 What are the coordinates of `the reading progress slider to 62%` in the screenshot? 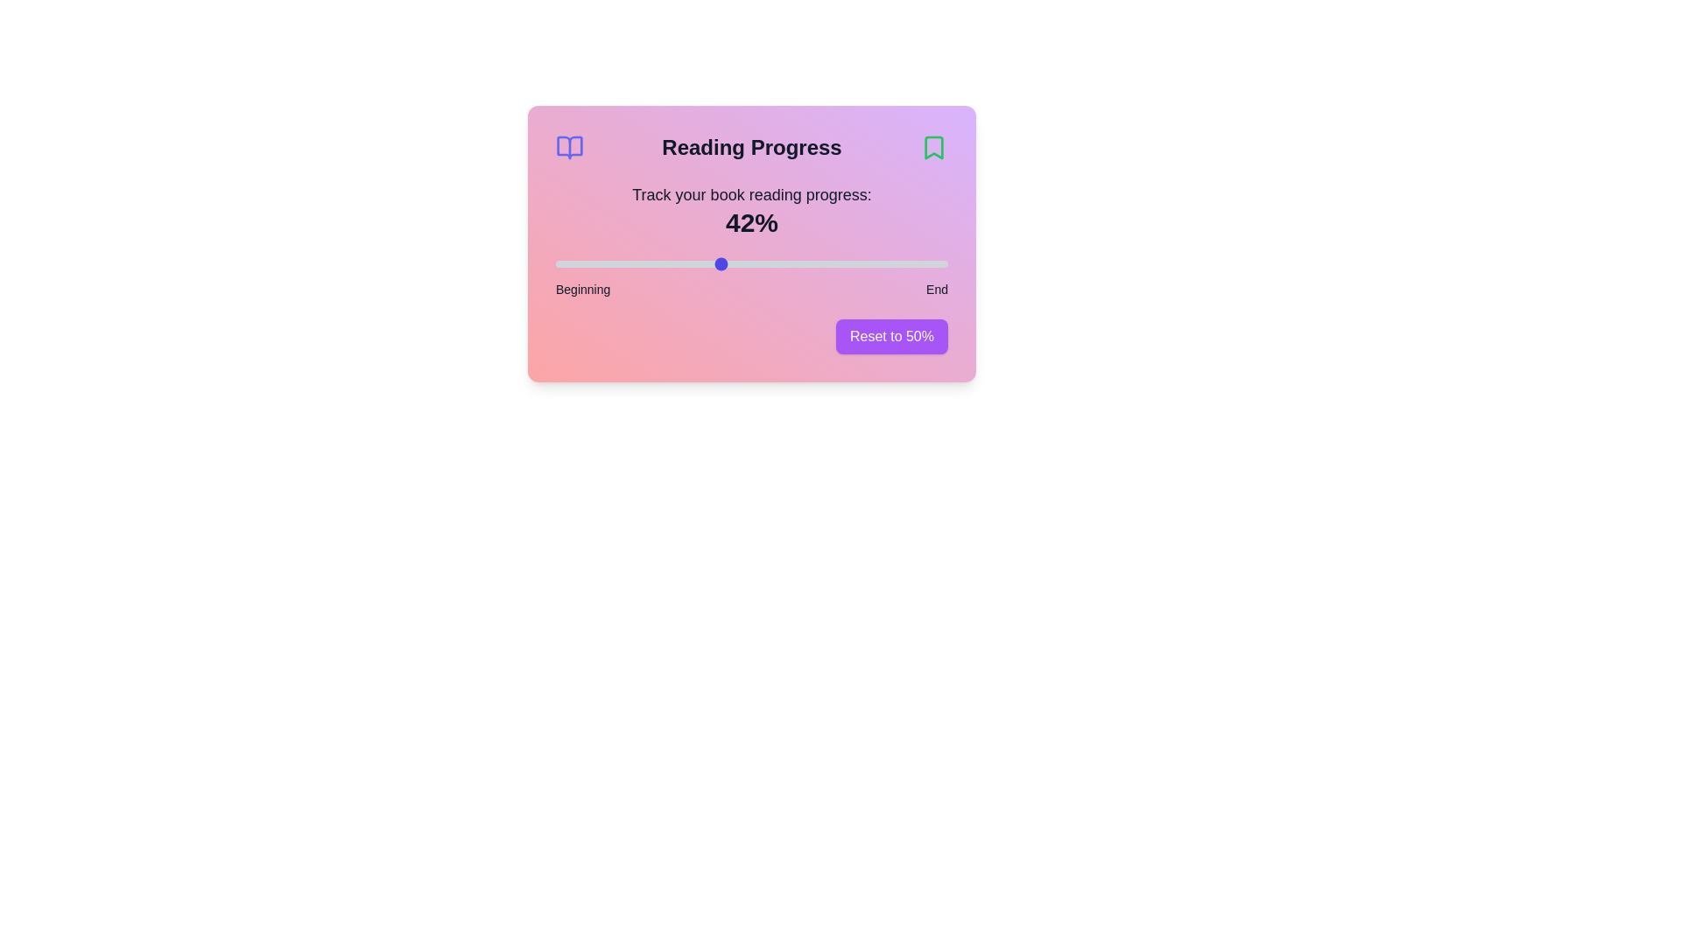 It's located at (798, 263).